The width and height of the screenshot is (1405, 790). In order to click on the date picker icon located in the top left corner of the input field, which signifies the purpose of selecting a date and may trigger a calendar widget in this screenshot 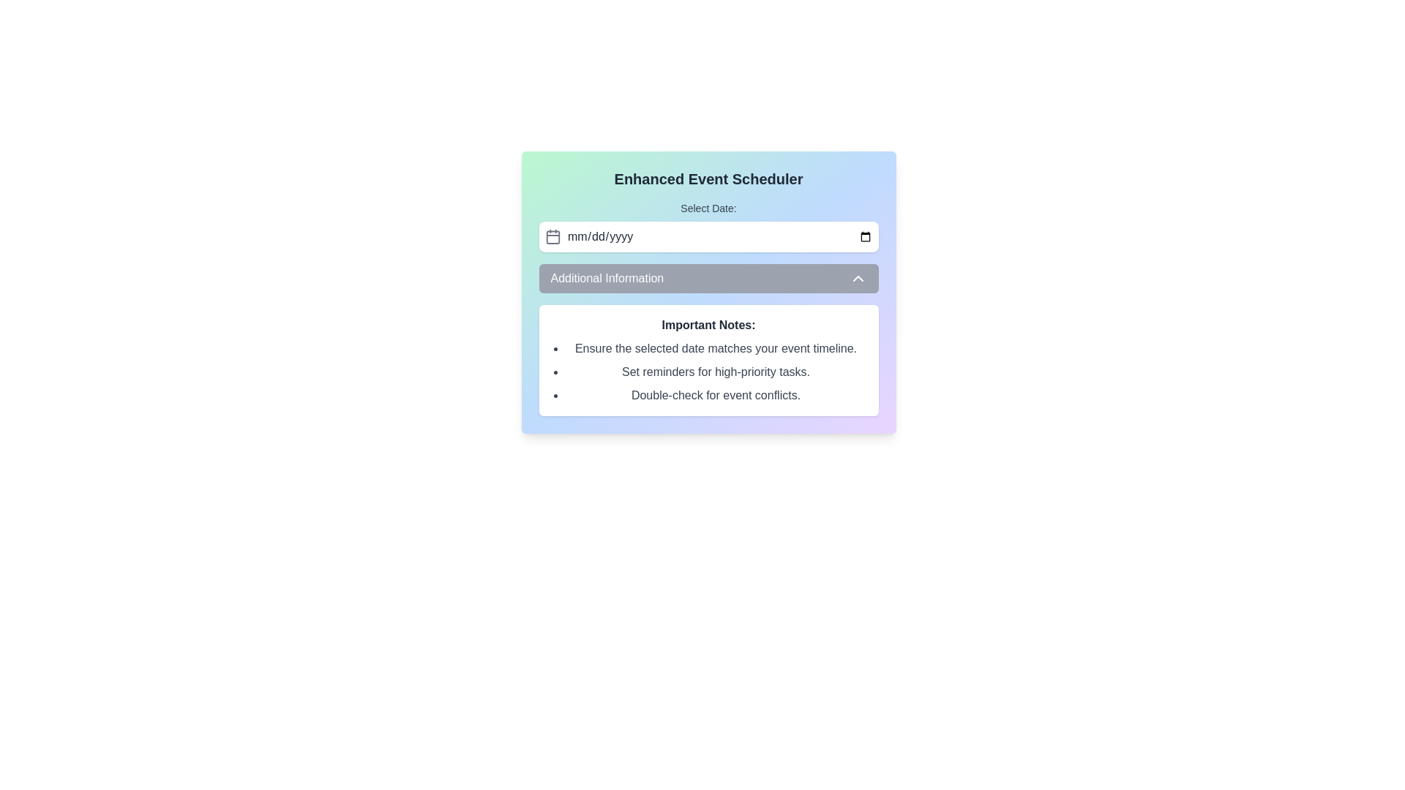, I will do `click(552, 236)`.